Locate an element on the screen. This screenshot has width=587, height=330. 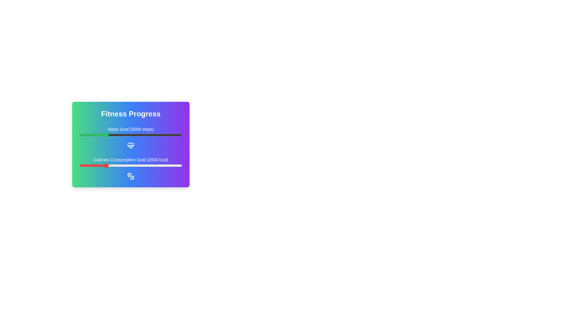
the calories goal is located at coordinates (117, 166).